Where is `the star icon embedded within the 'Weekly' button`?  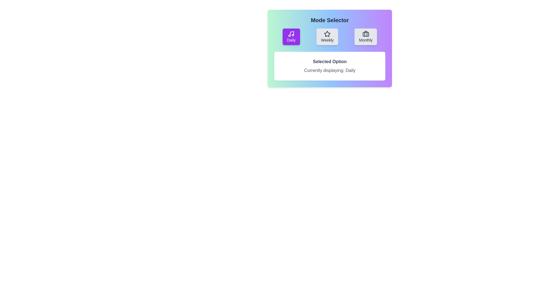
the star icon embedded within the 'Weekly' button is located at coordinates (327, 34).